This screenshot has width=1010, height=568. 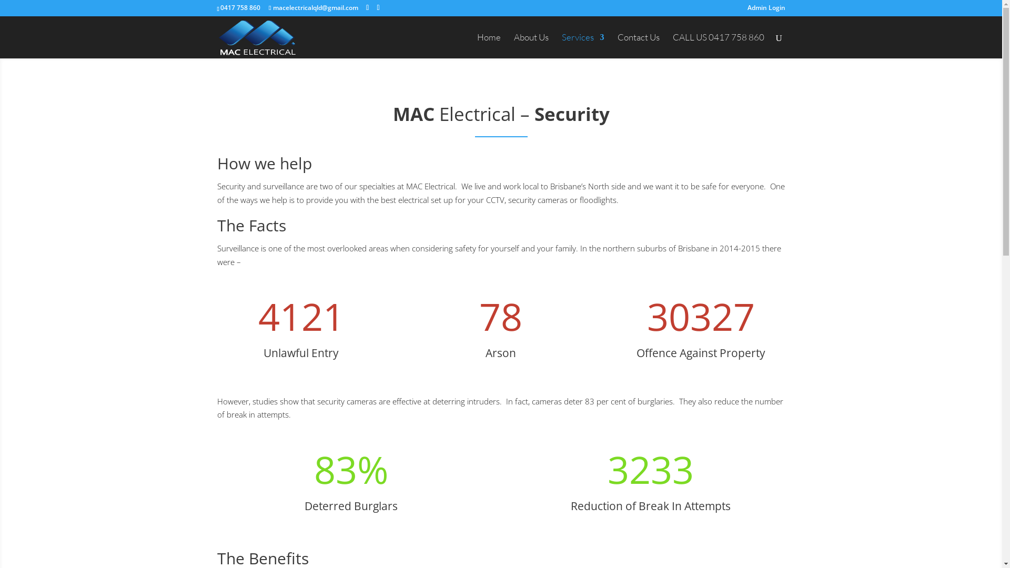 What do you see at coordinates (476, 45) in the screenshot?
I see `'Home'` at bounding box center [476, 45].